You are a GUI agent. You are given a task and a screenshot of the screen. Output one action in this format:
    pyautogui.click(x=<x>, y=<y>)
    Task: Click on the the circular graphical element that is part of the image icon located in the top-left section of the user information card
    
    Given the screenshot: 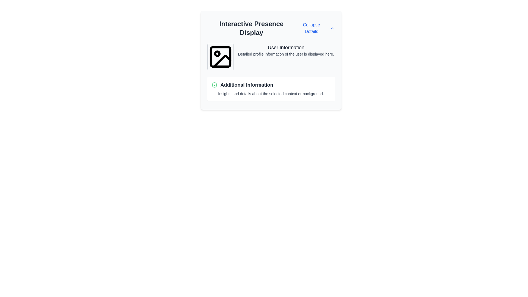 What is the action you would take?
    pyautogui.click(x=217, y=54)
    